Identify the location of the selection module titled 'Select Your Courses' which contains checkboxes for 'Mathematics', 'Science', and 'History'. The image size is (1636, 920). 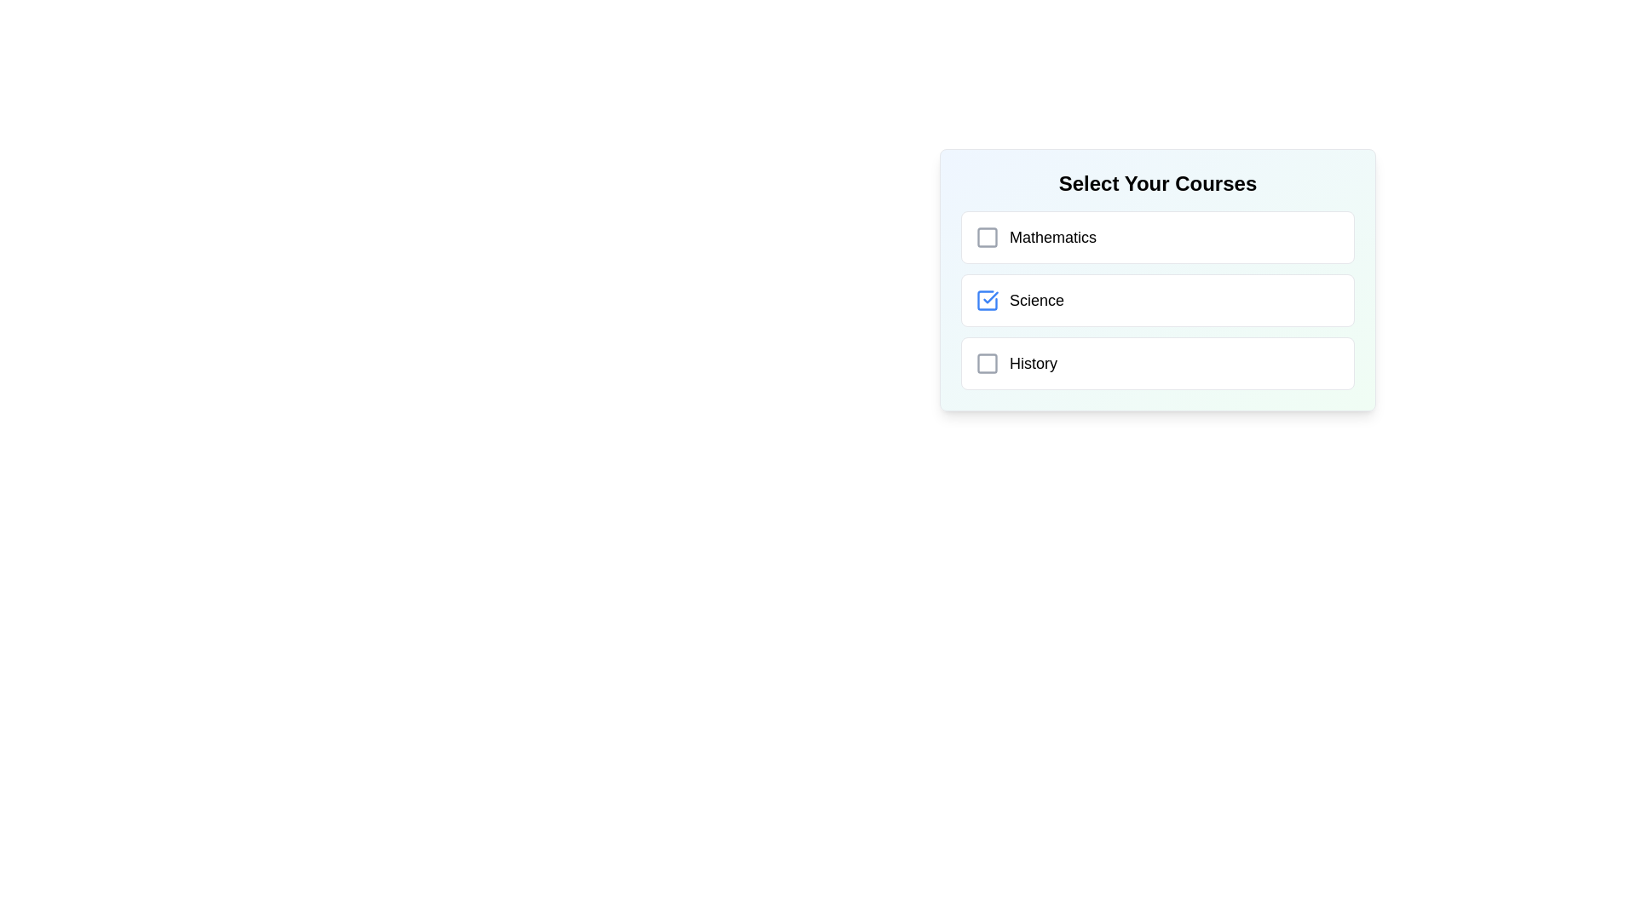
(1157, 279).